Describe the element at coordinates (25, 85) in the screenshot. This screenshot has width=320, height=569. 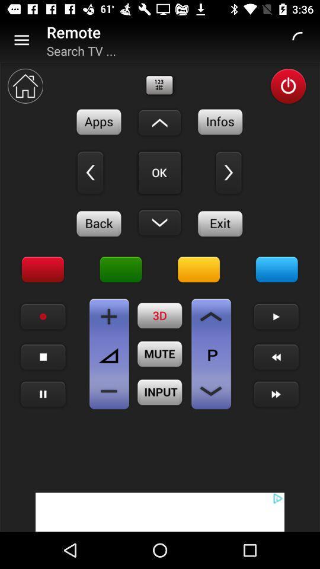
I see `go home` at that location.